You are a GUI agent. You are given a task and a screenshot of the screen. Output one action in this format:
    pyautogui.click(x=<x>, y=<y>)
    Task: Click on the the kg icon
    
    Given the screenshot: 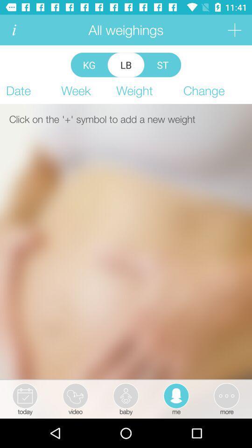 What is the action you would take?
    pyautogui.click(x=89, y=64)
    